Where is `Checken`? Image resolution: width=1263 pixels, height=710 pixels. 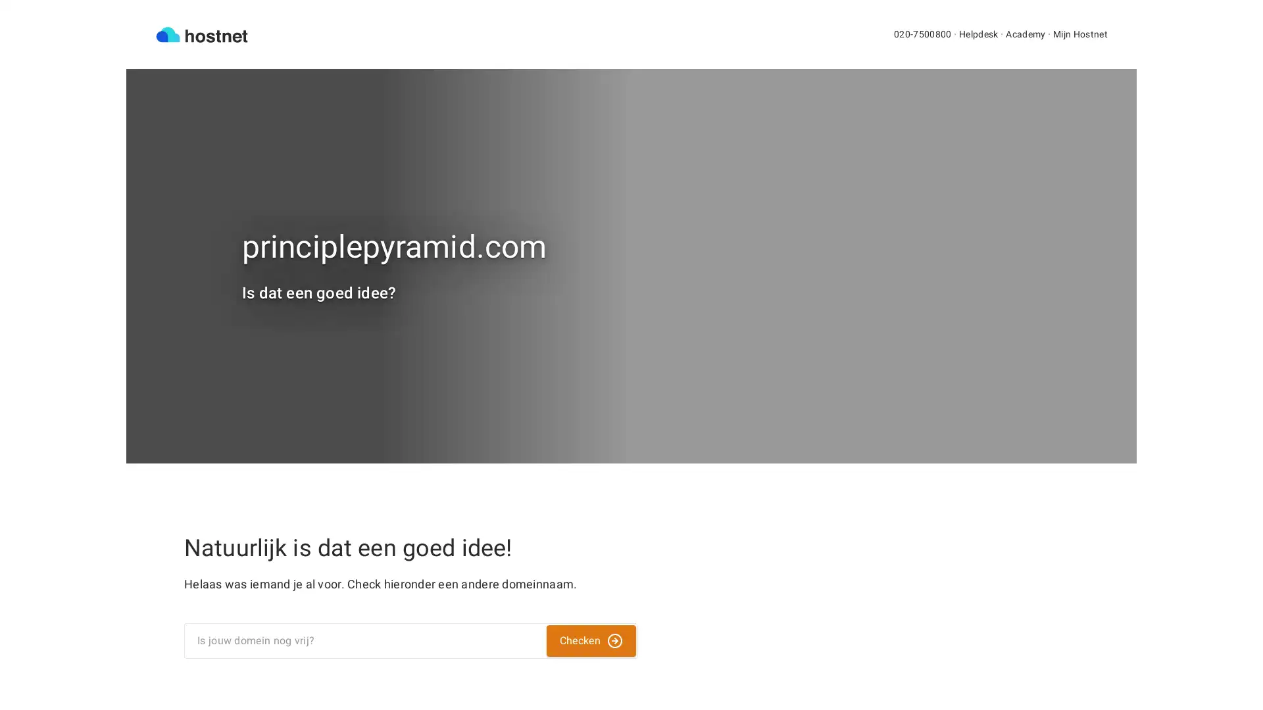 Checken is located at coordinates (590, 640).